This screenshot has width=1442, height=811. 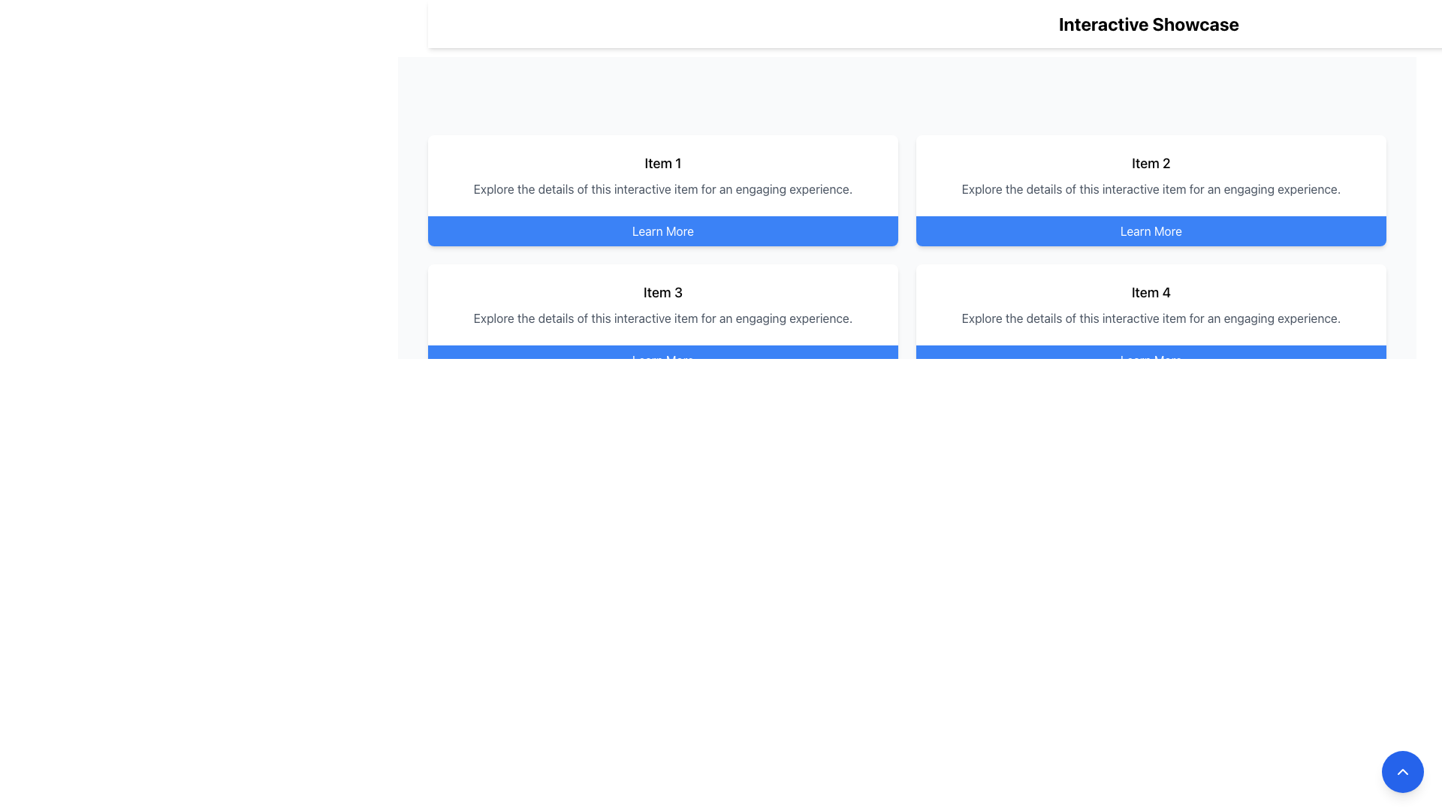 What do you see at coordinates (1150, 164) in the screenshot?
I see `the title text element located at the top-right quadrant of the second card in the first row of the grid layout` at bounding box center [1150, 164].